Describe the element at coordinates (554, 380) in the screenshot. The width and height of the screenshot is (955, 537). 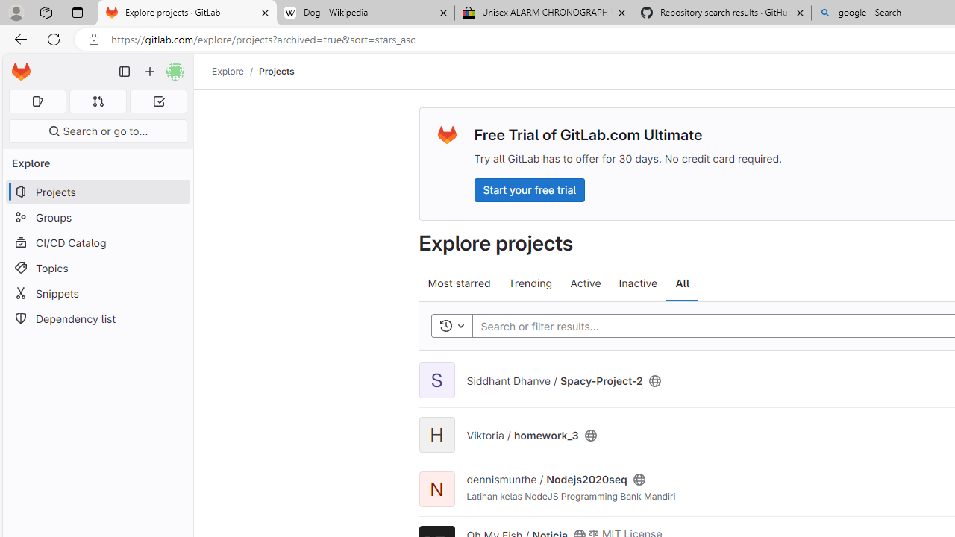
I see `'Siddhant Dhanve / Spacy-Project-2'` at that location.